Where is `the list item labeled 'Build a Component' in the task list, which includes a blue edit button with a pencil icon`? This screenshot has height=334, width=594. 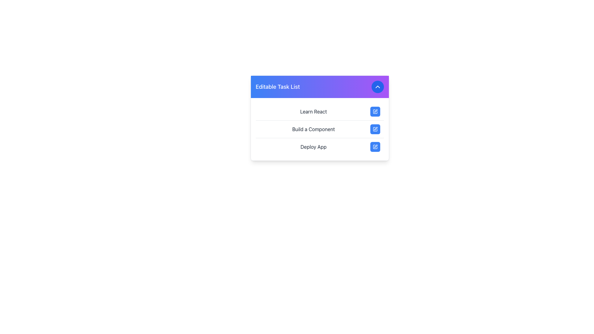 the list item labeled 'Build a Component' in the task list, which includes a blue edit button with a pencil icon is located at coordinates (320, 129).